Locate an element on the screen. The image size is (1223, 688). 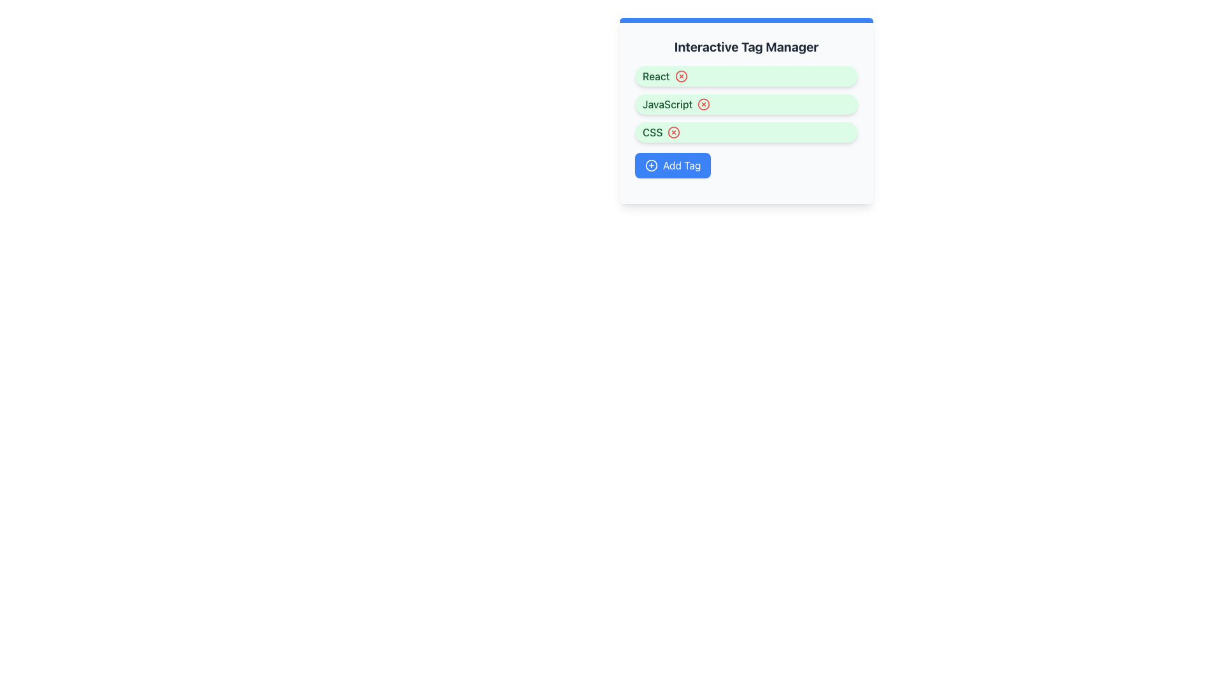
the Removable Tag button labeled 'JavaScript' is located at coordinates (746, 104).